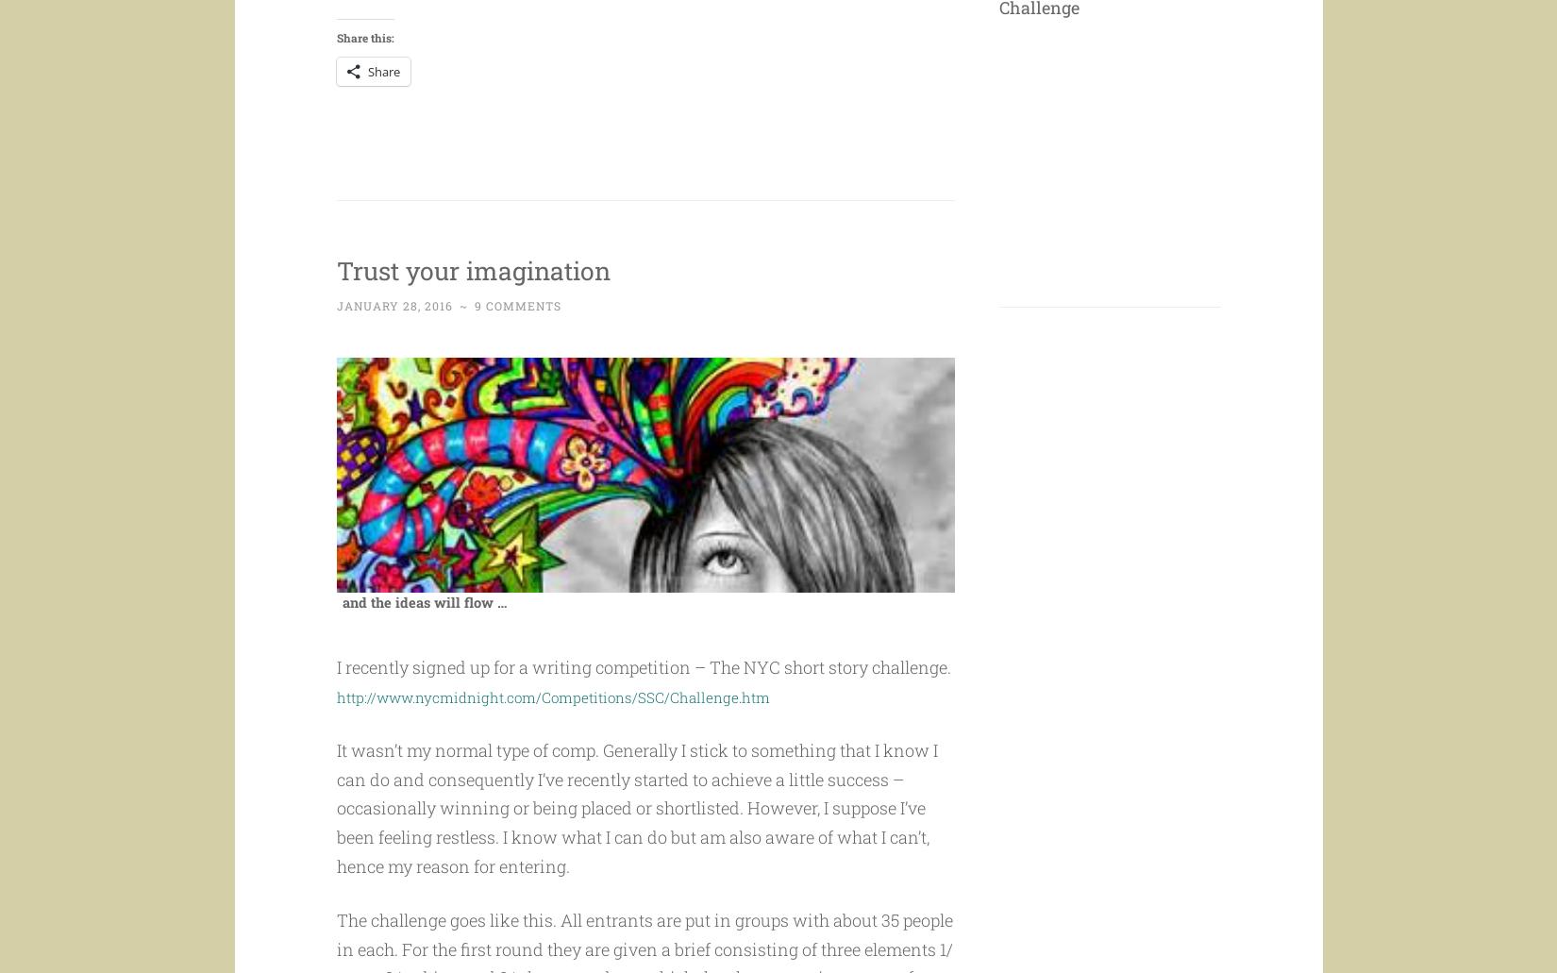  Describe the element at coordinates (423, 638) in the screenshot. I see `'and the ideas will flow …'` at that location.